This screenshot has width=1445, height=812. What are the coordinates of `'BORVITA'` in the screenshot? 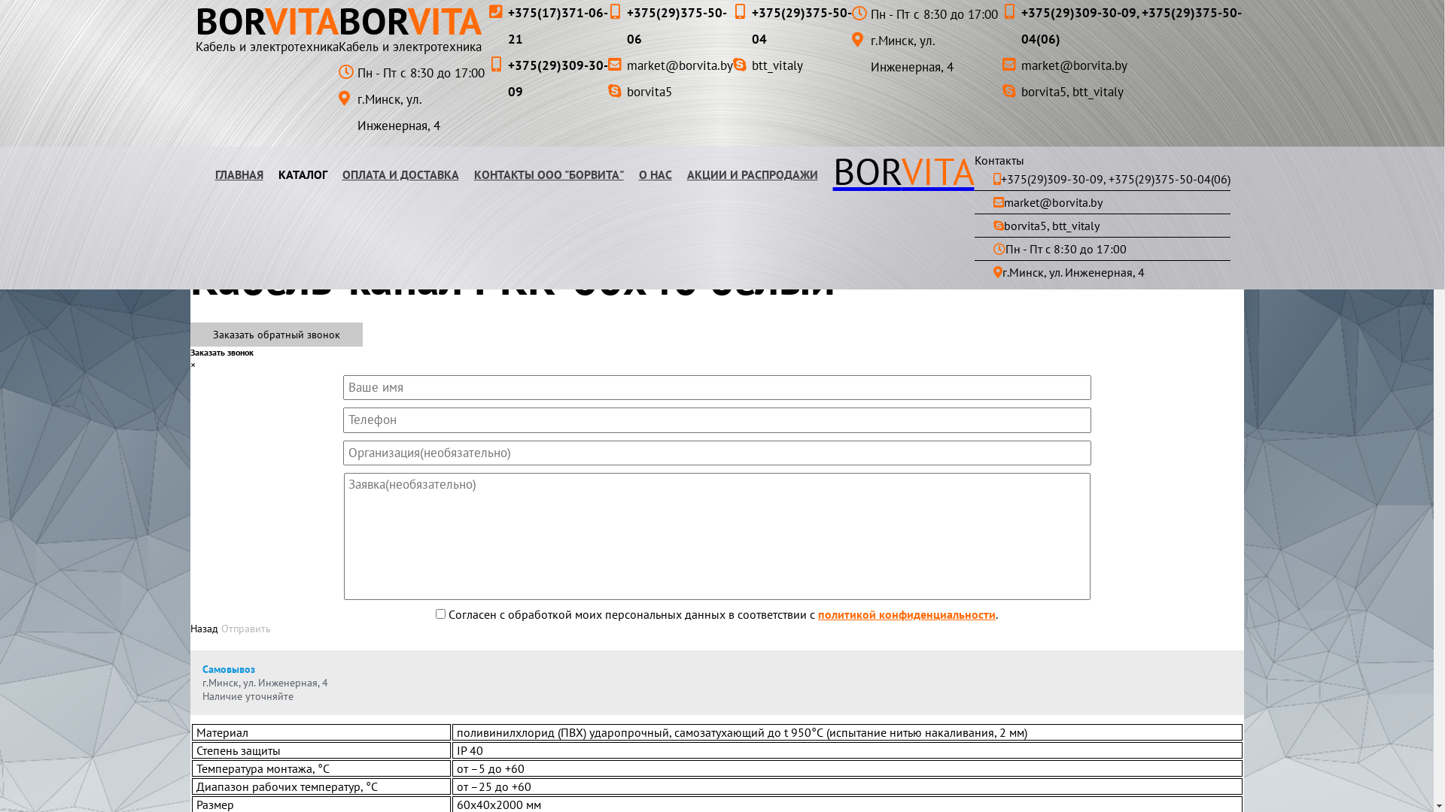 It's located at (414, 20).